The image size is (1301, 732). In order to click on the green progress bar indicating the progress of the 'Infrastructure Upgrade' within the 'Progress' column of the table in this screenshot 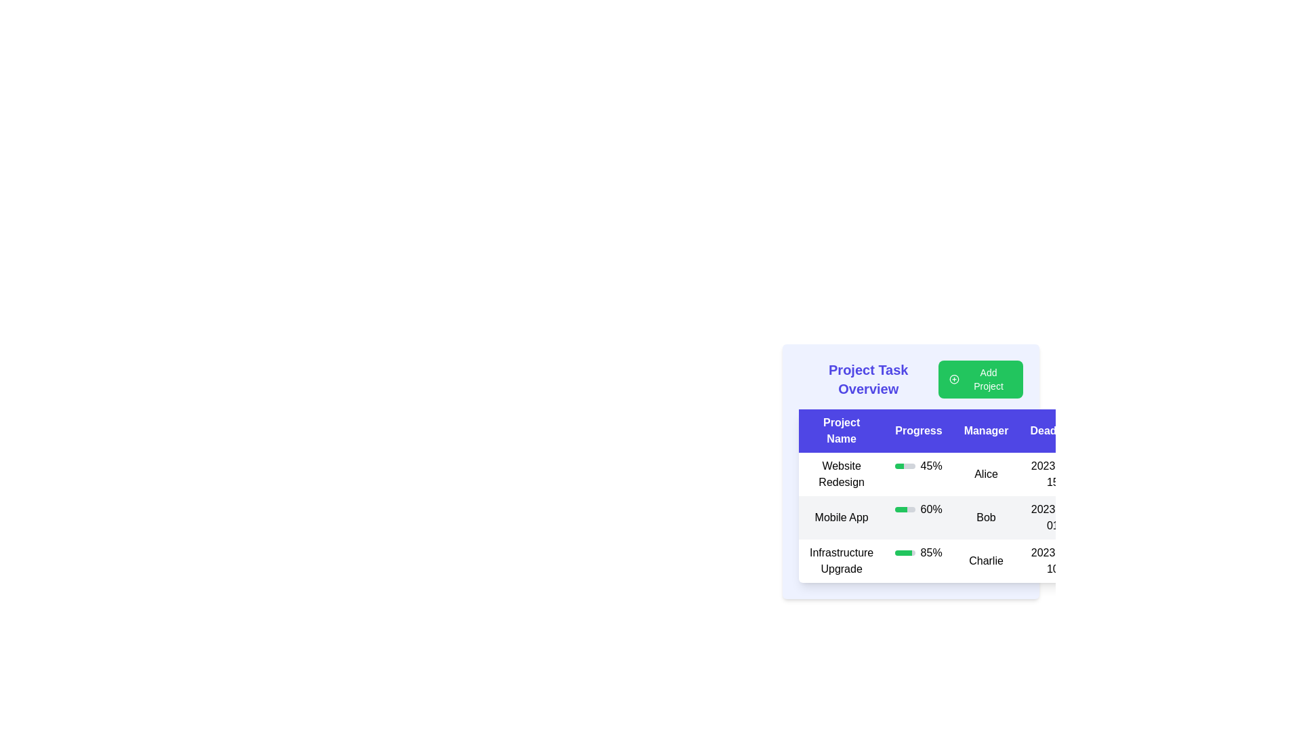, I will do `click(903, 553)`.